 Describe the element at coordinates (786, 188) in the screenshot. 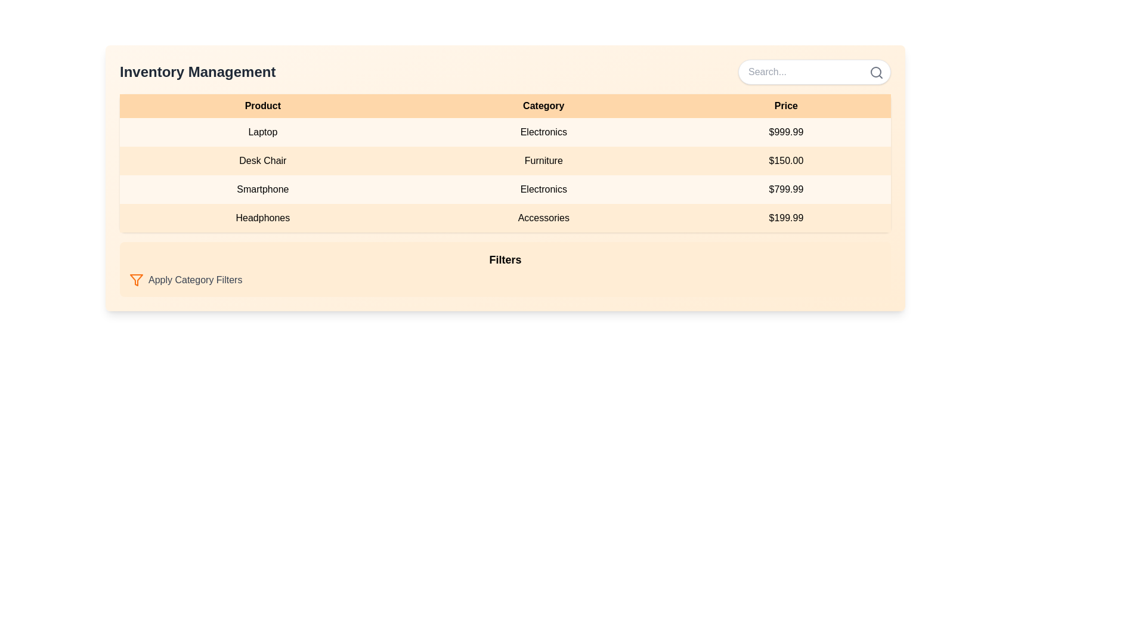

I see `the static text displaying the price of the 'Smartphone' product, located in the rightmost column of the table under the 'Price' heading` at that location.